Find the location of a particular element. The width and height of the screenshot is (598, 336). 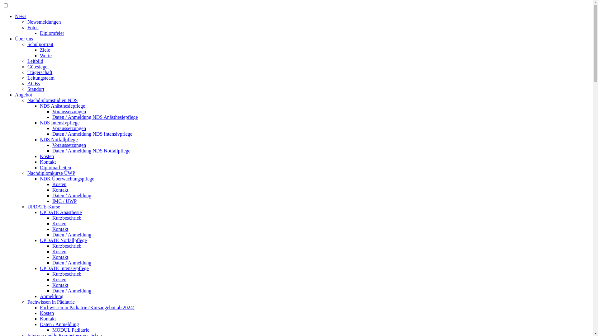

'Angebot' is located at coordinates (23, 95).